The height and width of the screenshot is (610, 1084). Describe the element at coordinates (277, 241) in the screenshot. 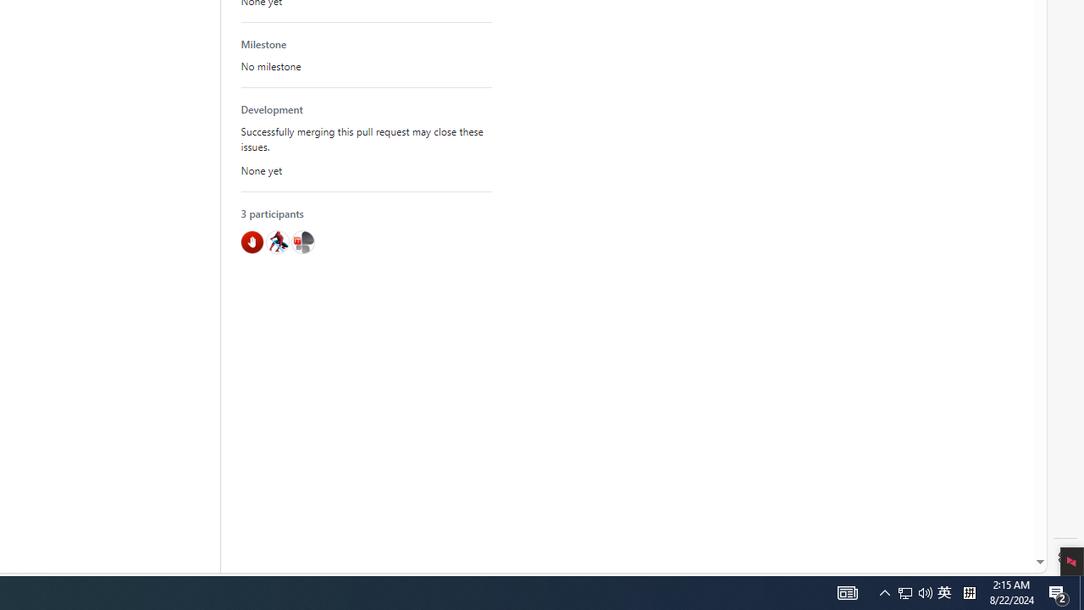

I see `'@hawkeye116477'` at that location.